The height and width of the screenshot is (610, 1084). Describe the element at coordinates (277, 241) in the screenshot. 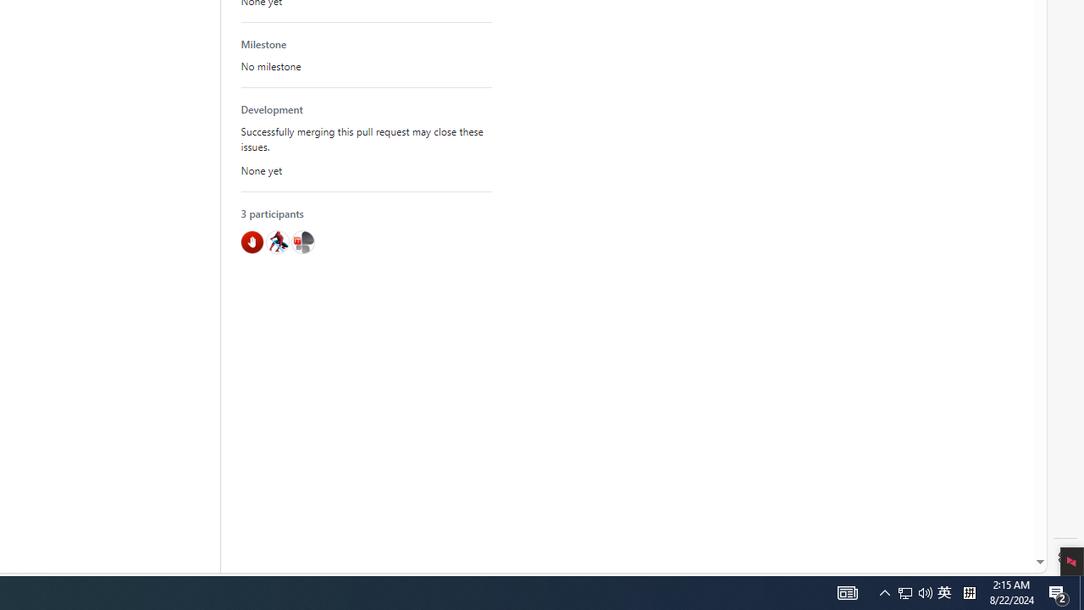

I see `'@hawkeye116477'` at that location.